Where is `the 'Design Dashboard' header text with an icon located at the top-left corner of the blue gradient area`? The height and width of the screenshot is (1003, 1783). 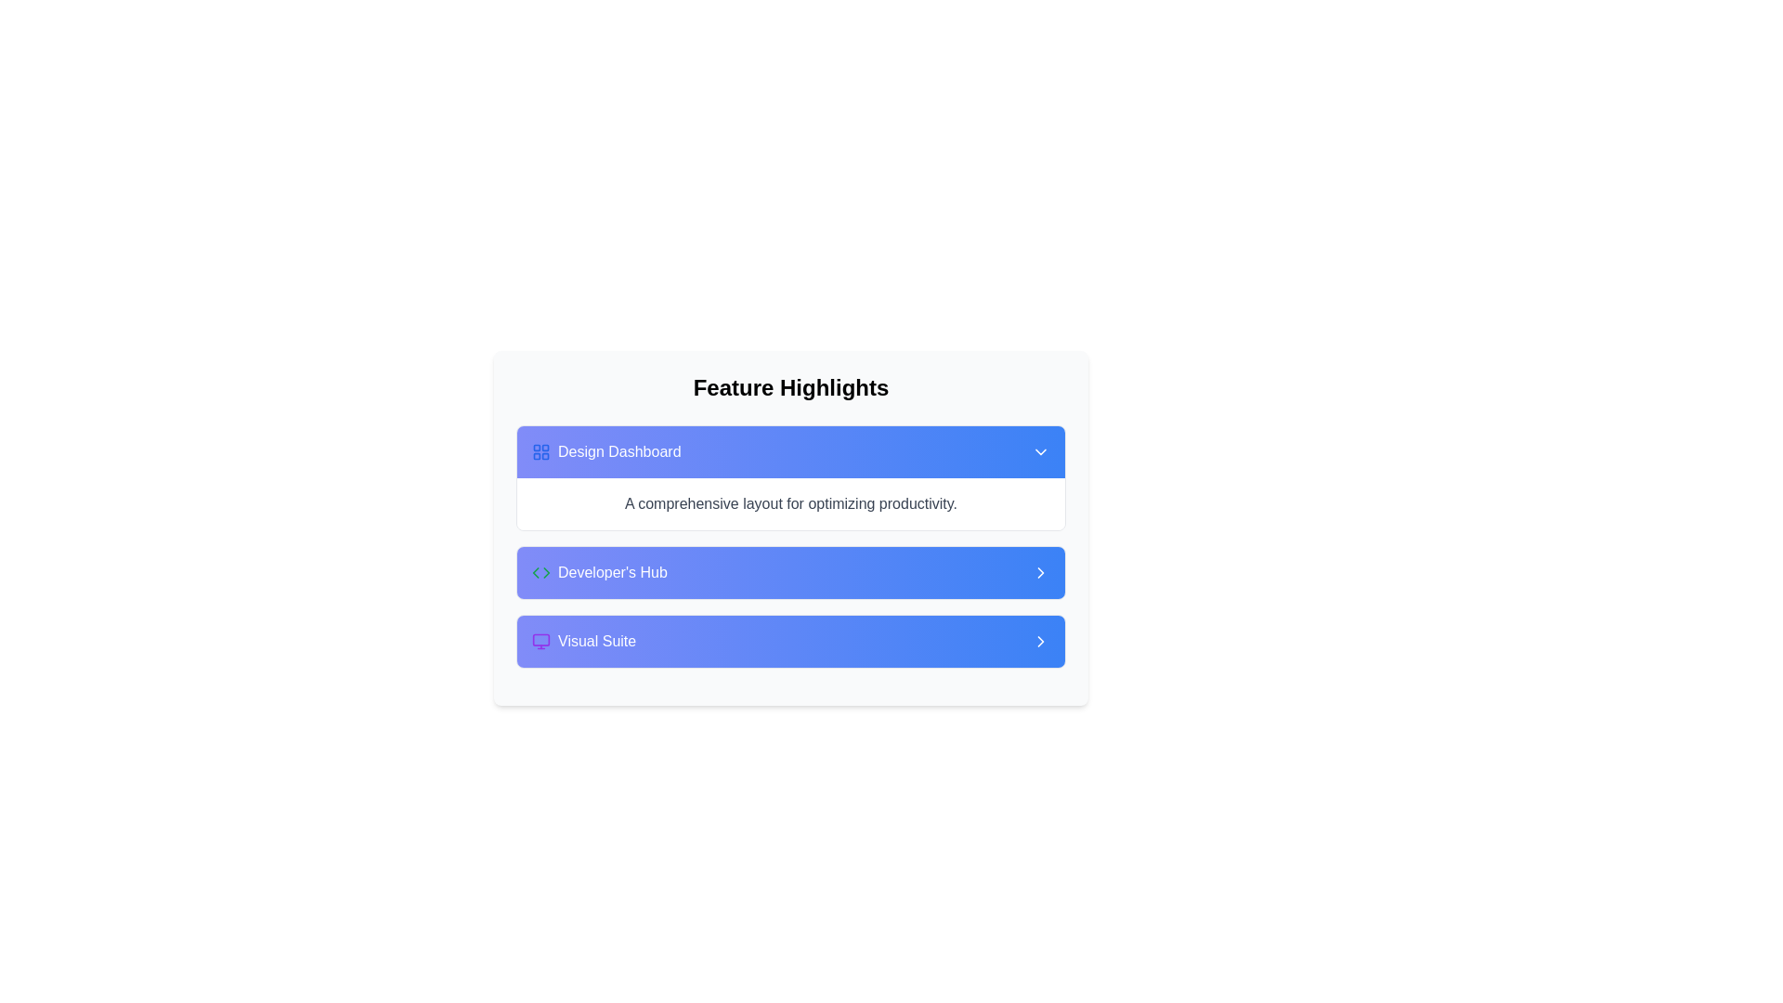
the 'Design Dashboard' header text with an icon located at the top-left corner of the blue gradient area is located at coordinates (606, 451).